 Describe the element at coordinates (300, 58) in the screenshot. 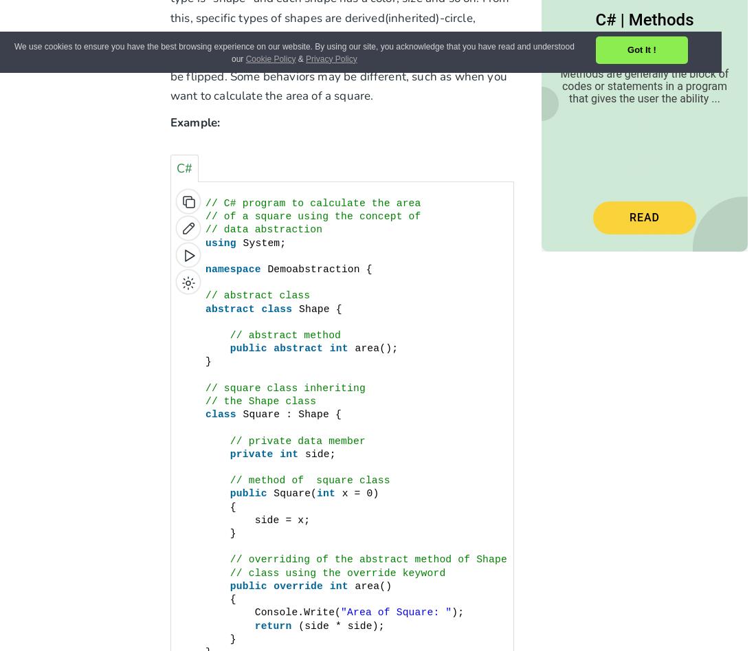

I see `'&'` at that location.